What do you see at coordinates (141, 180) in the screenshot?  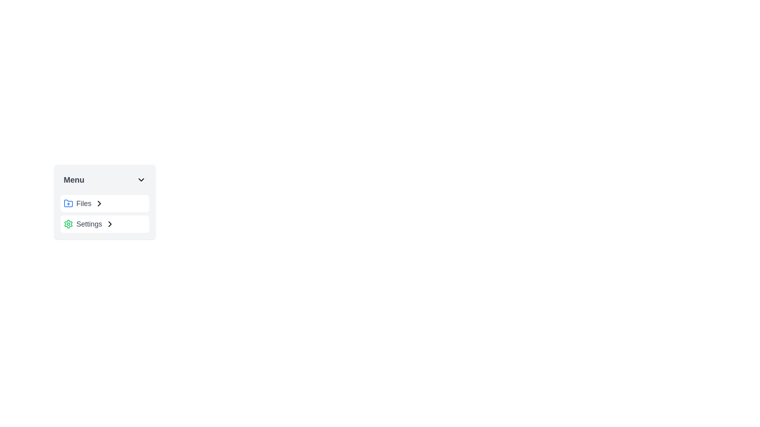 I see `the downward-facing chevron arrow icon, which serves as the dropdown trigger in the interface` at bounding box center [141, 180].